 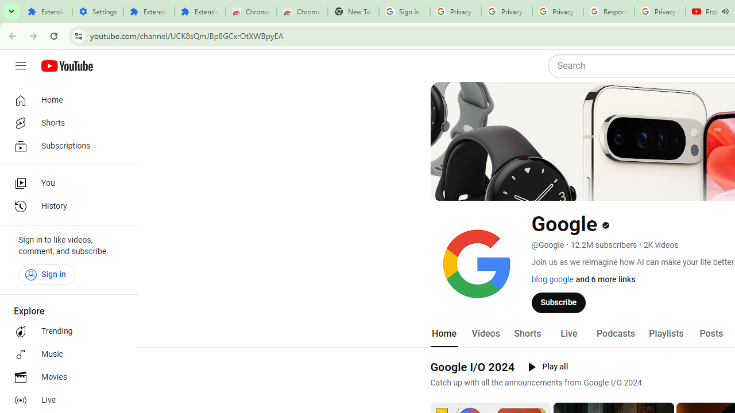 I want to click on 'Home', so click(x=64, y=99).